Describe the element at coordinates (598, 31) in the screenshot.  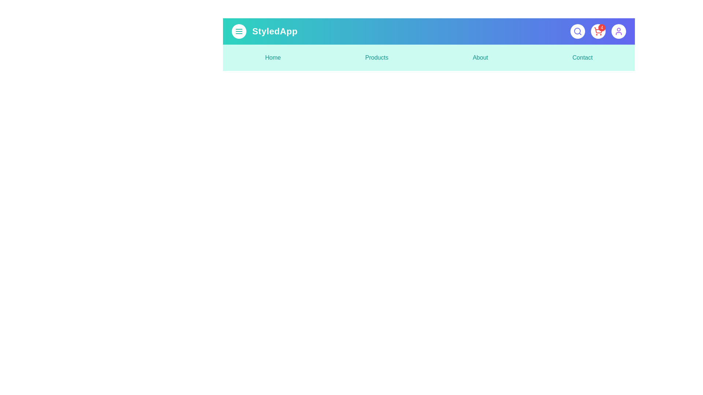
I see `the shopping cart button to open the shopping cart interface` at that location.